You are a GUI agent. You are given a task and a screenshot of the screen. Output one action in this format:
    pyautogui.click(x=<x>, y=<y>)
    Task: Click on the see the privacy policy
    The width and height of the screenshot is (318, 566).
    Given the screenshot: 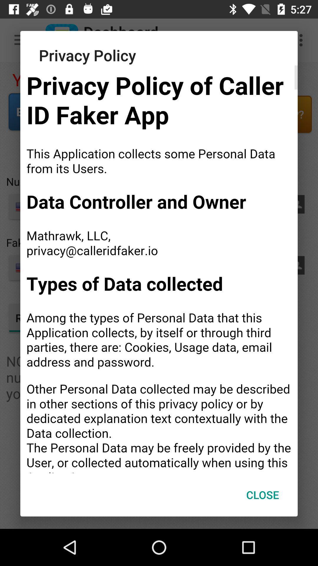 What is the action you would take?
    pyautogui.click(x=159, y=269)
    